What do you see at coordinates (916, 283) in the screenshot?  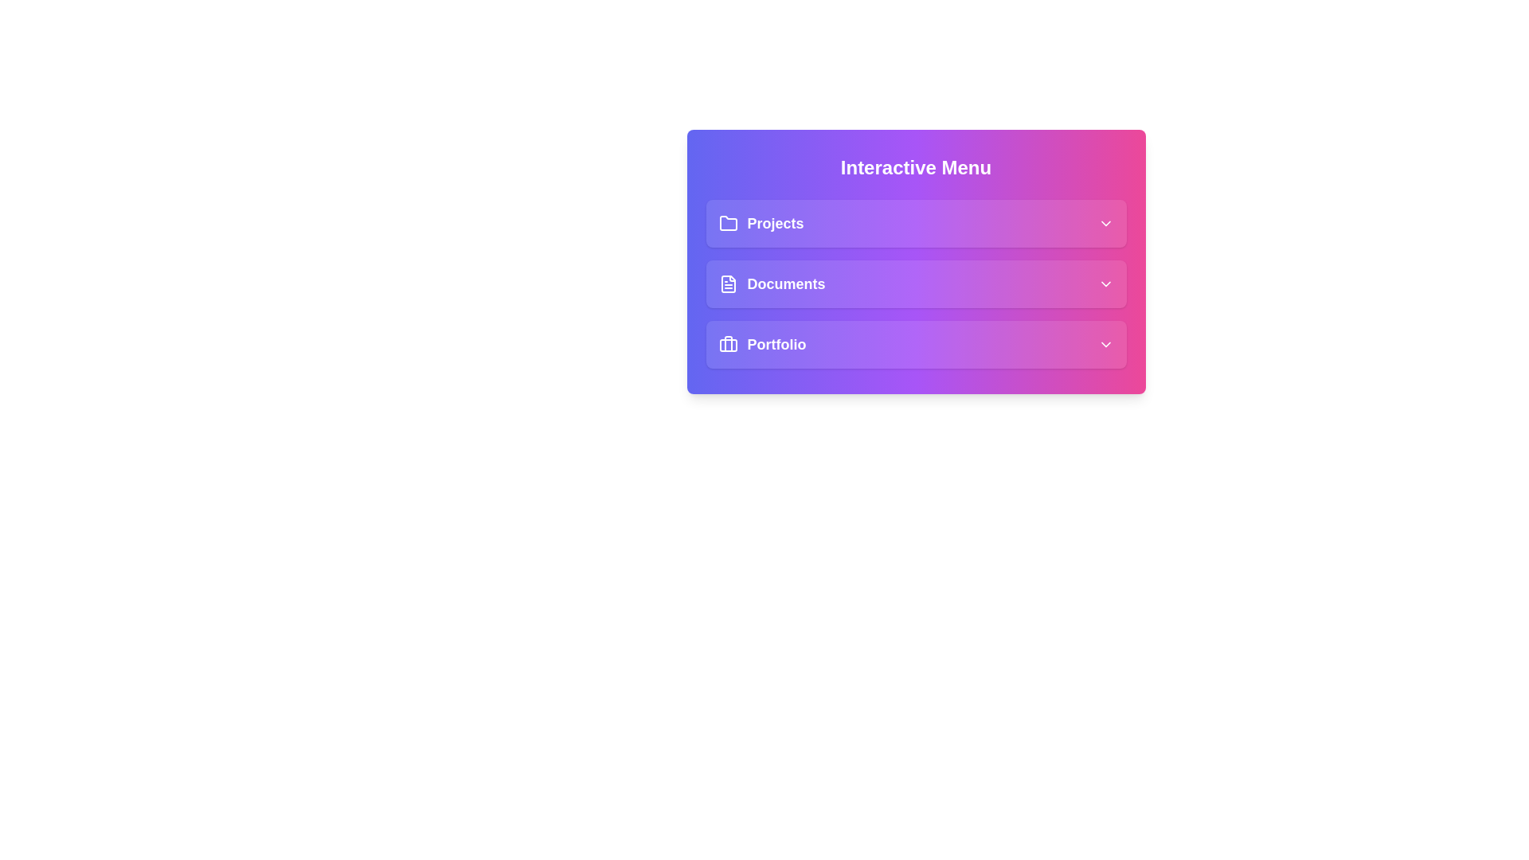 I see `the 'Documents' menu option` at bounding box center [916, 283].